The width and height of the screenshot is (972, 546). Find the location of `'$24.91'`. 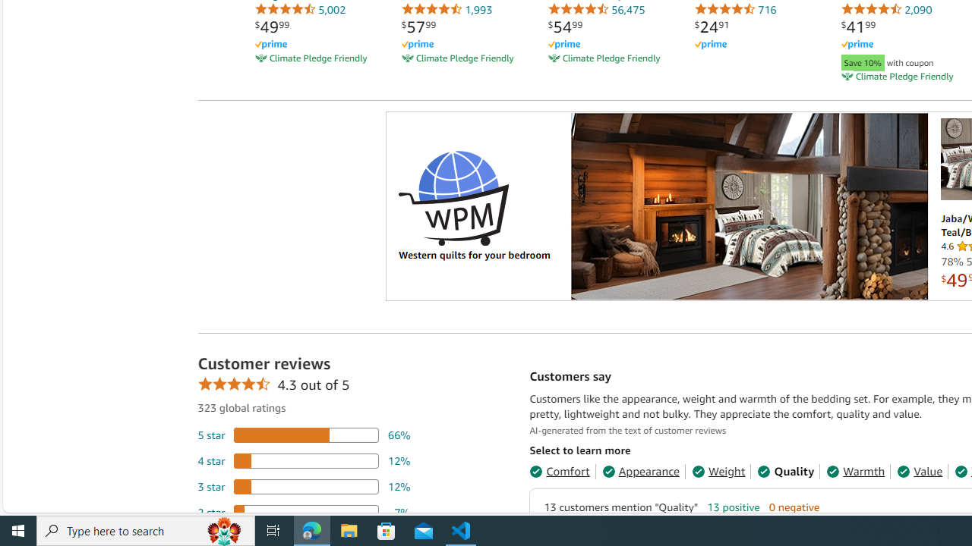

'$24.91' is located at coordinates (711, 27).